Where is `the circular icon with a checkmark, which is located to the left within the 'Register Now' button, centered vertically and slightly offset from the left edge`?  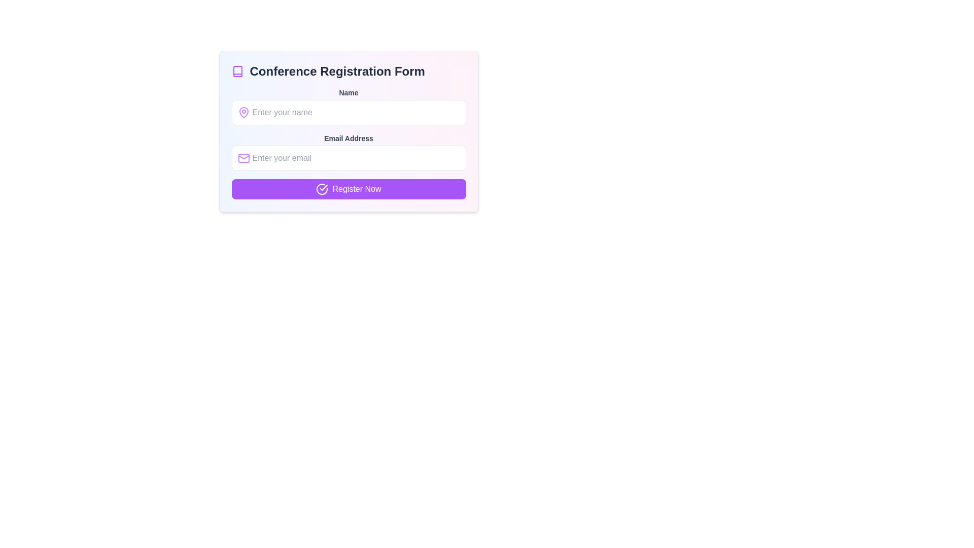 the circular icon with a checkmark, which is located to the left within the 'Register Now' button, centered vertically and slightly offset from the left edge is located at coordinates (322, 189).